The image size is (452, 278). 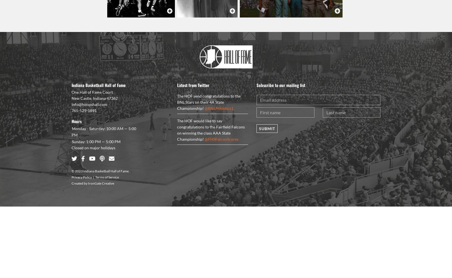 What do you see at coordinates (128, 170) in the screenshot?
I see `'.'` at bounding box center [128, 170].